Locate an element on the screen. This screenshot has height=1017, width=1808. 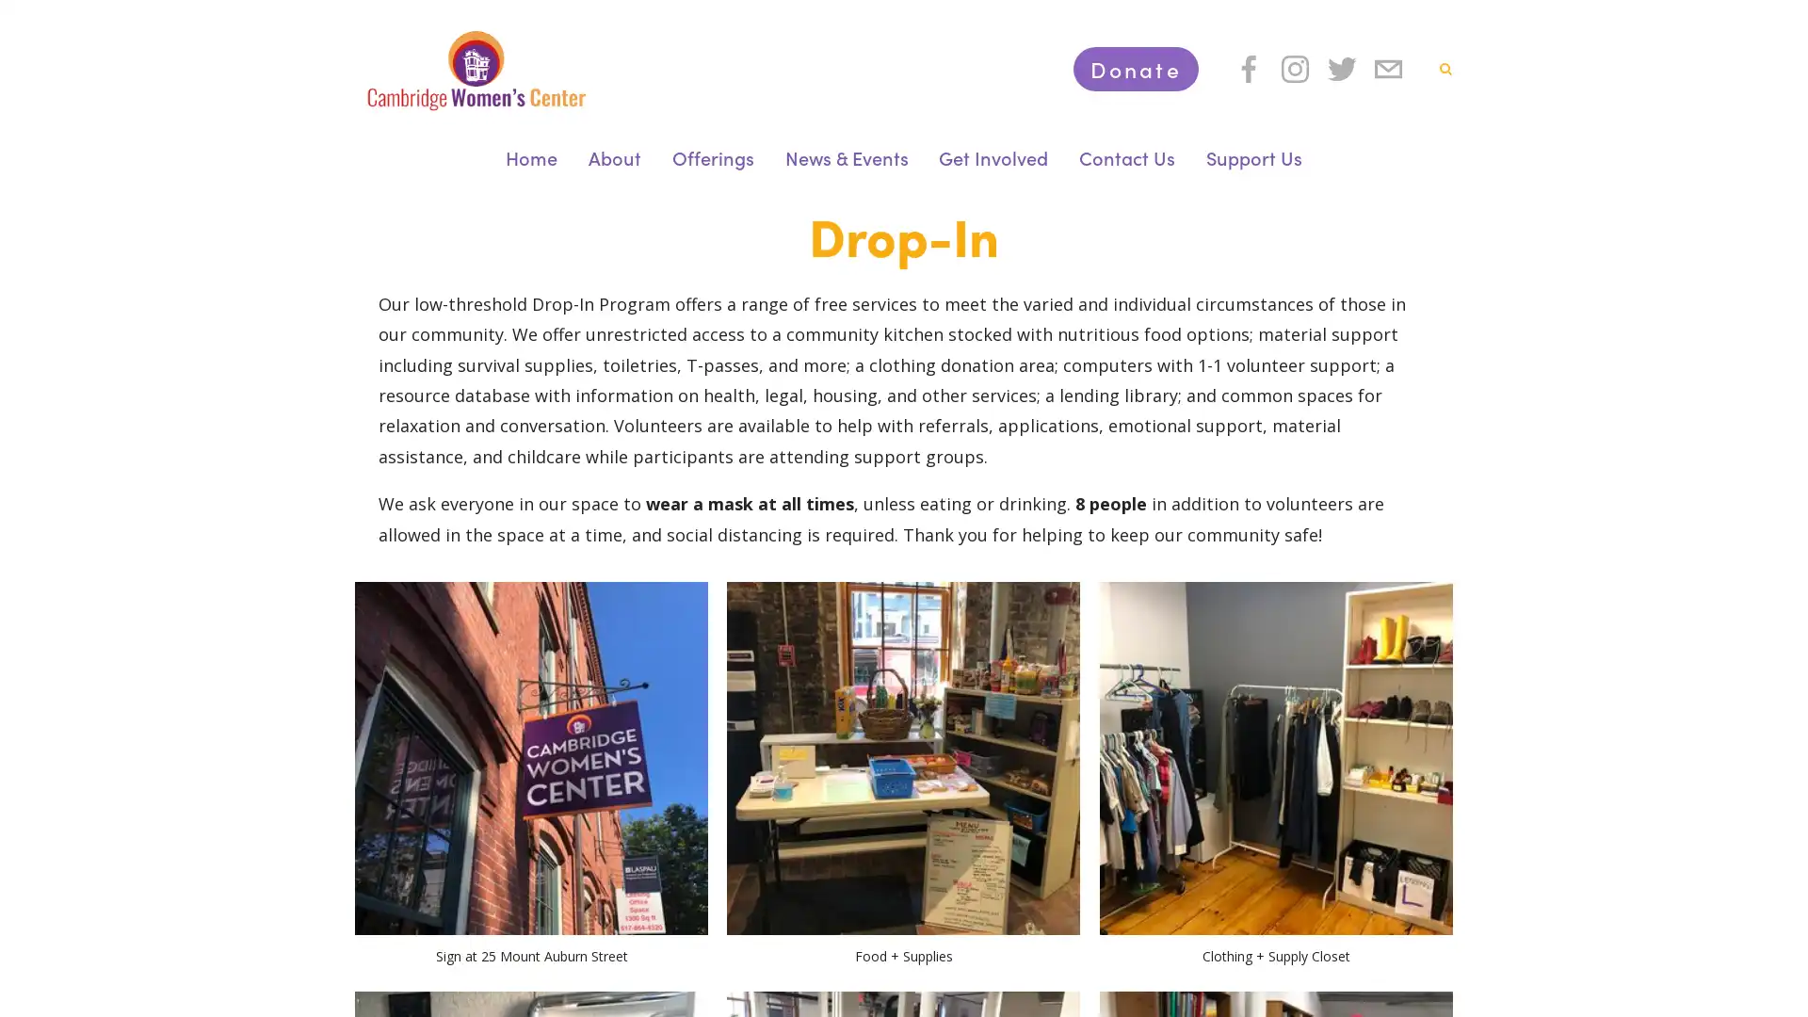
View fullsize Sign at 25 Mount Auburn Street is located at coordinates (530, 757).